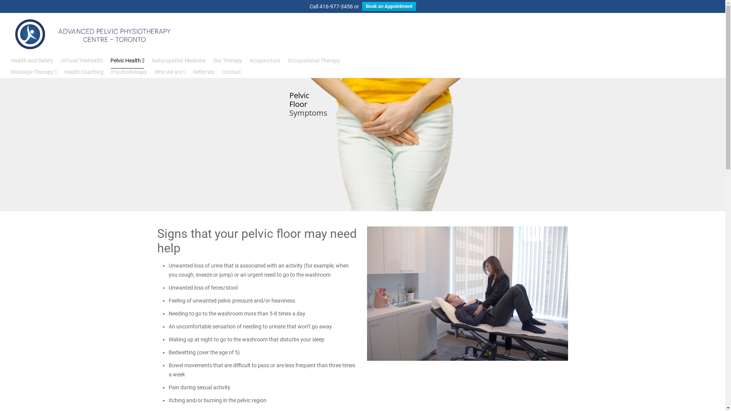 The image size is (731, 411). I want to click on 'Referrals', so click(203, 72).